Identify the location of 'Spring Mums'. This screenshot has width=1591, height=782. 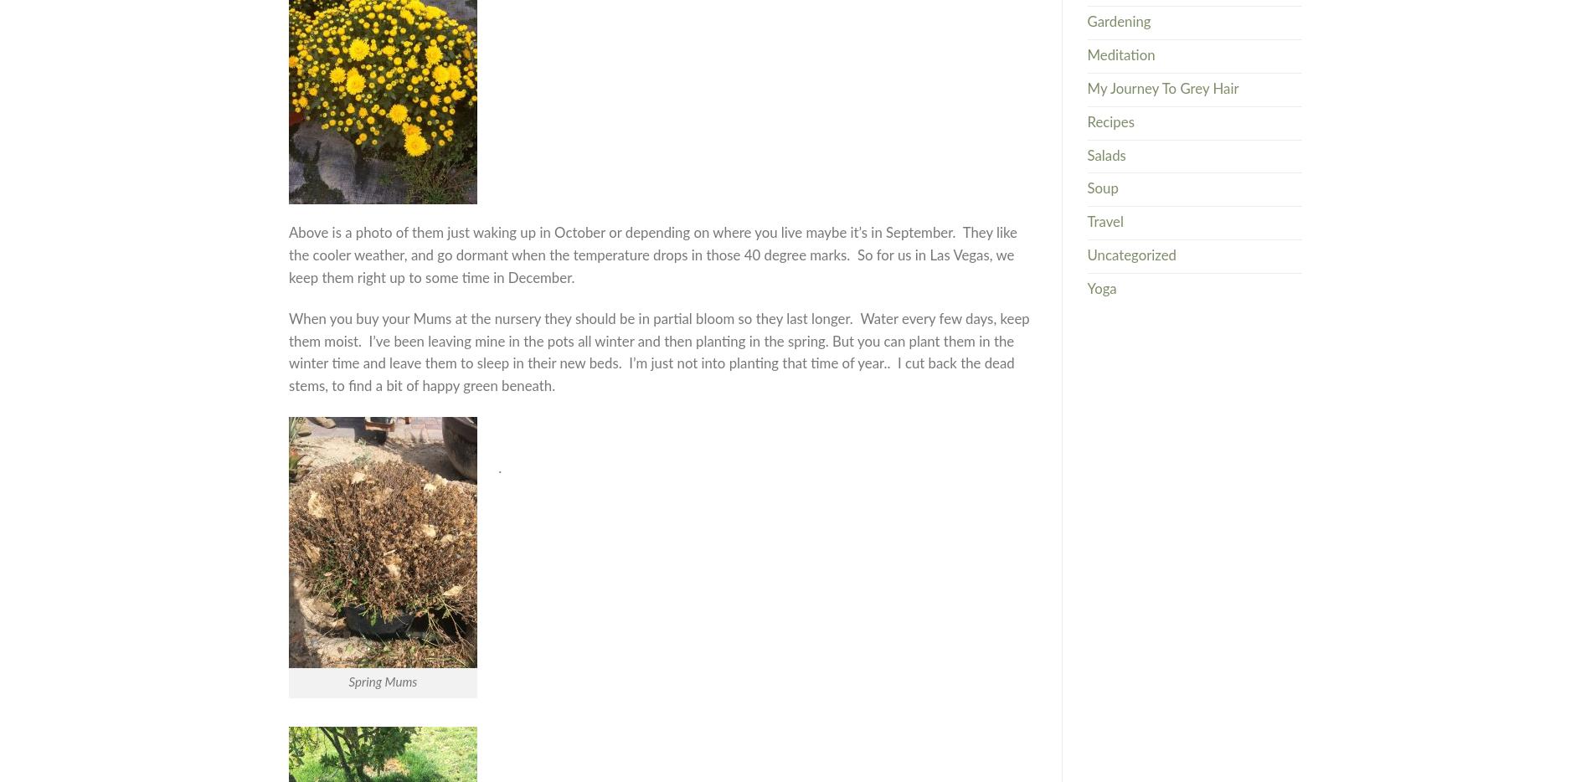
(381, 682).